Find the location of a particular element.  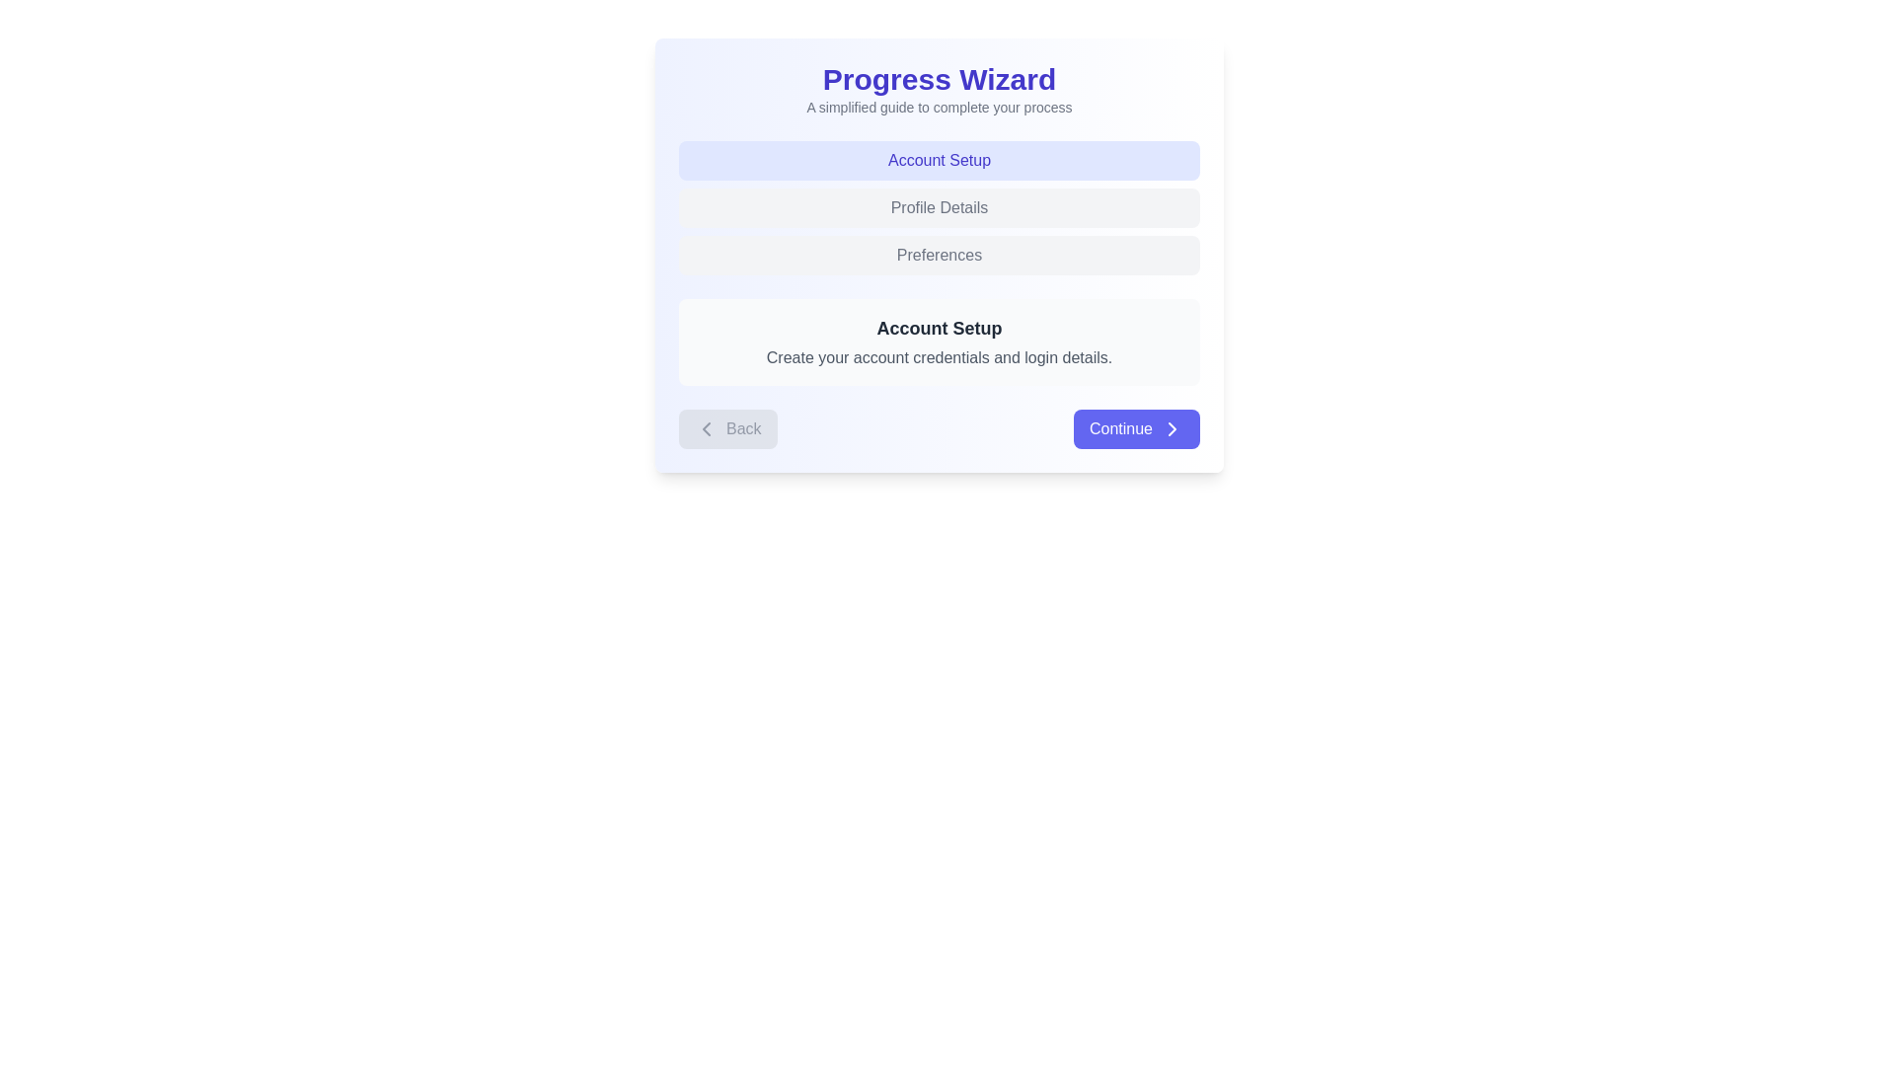

the 'Profile Details' button in the 'Progress Wizard' panel is located at coordinates (938, 208).